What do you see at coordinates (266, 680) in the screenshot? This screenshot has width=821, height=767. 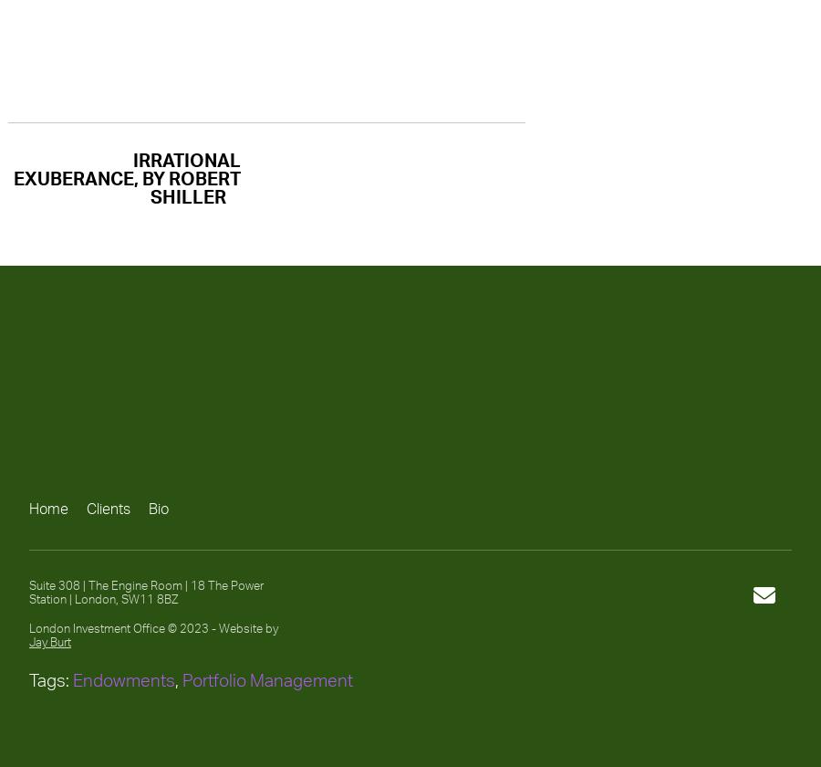 I see `'Portfolio Management'` at bounding box center [266, 680].